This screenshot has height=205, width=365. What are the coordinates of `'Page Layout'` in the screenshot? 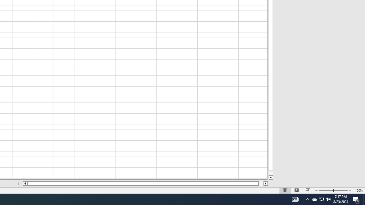 It's located at (297, 190).